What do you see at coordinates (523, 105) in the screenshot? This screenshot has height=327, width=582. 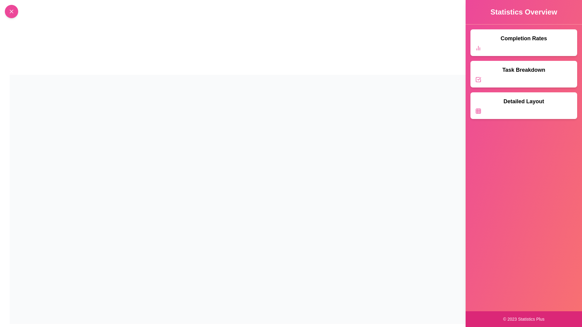 I see `the 'Detailed Layout' section to interact with it` at bounding box center [523, 105].